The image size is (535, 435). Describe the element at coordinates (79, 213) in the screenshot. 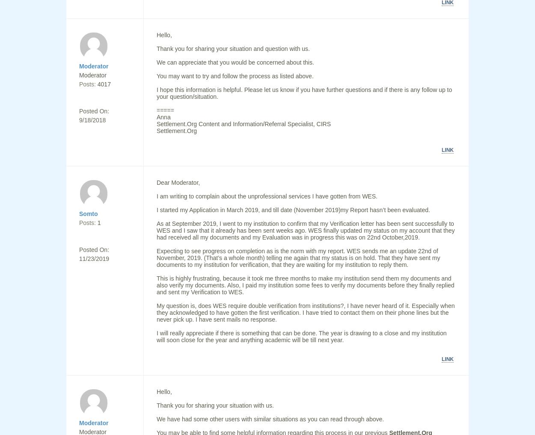

I see `'Somto'` at that location.